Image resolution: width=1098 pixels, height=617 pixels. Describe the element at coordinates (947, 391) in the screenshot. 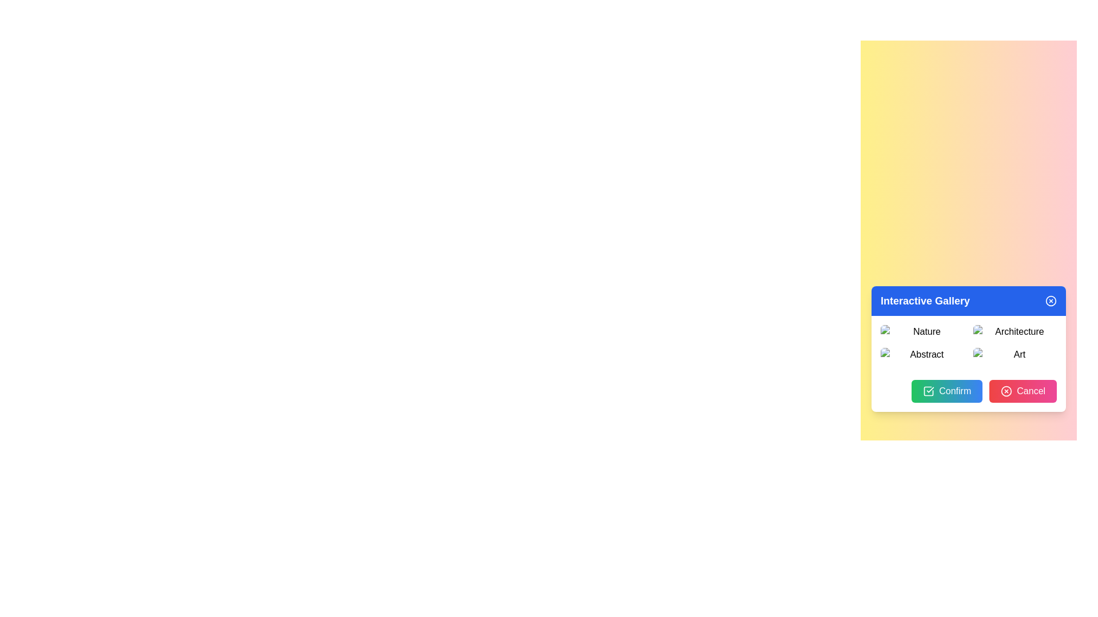

I see `the 'Confirm' button, which is a rectangular button with a gradient background from green to blue, featuring a checkmark icon and white bold text, located in the lower-right area of the modal dialog box` at that location.